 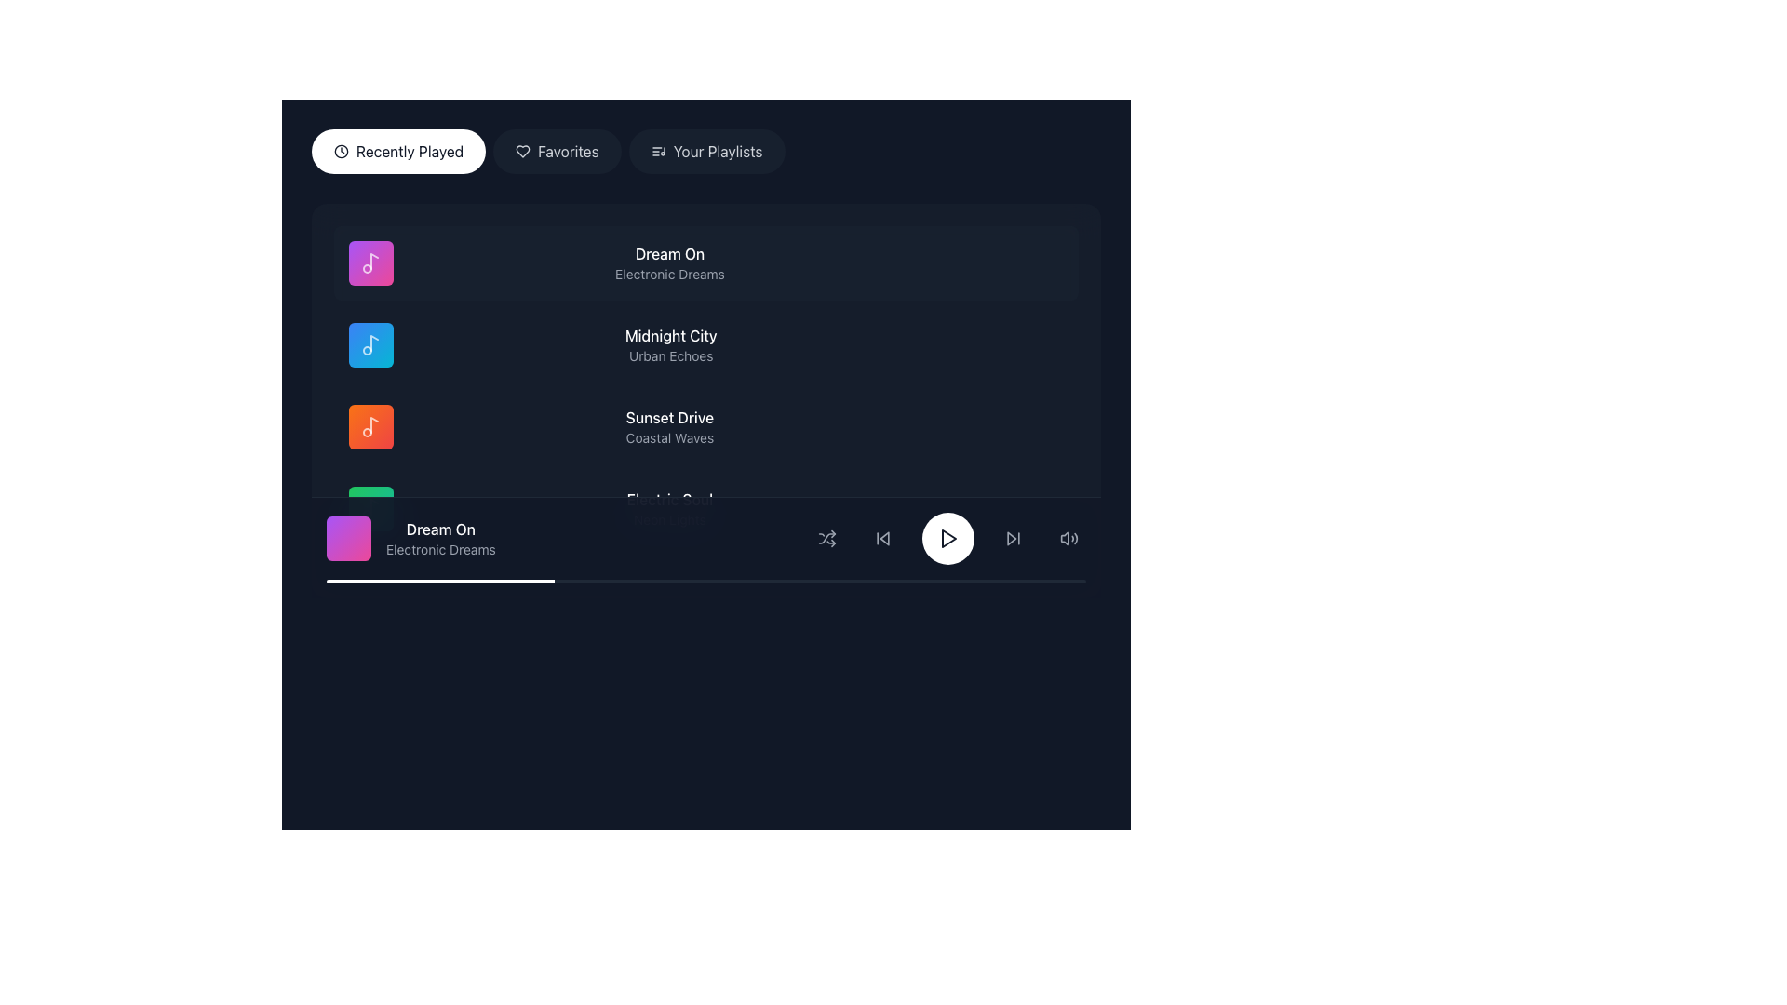 What do you see at coordinates (658, 150) in the screenshot?
I see `the music playlists icon located within the 'Your Playlists' button, which is aligned to the left of the text label` at bounding box center [658, 150].